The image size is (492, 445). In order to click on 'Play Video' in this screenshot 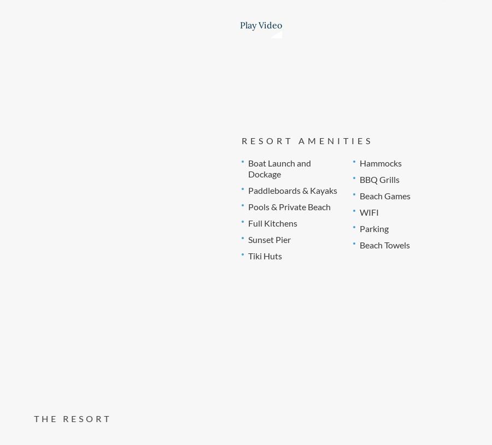, I will do `click(260, 24)`.